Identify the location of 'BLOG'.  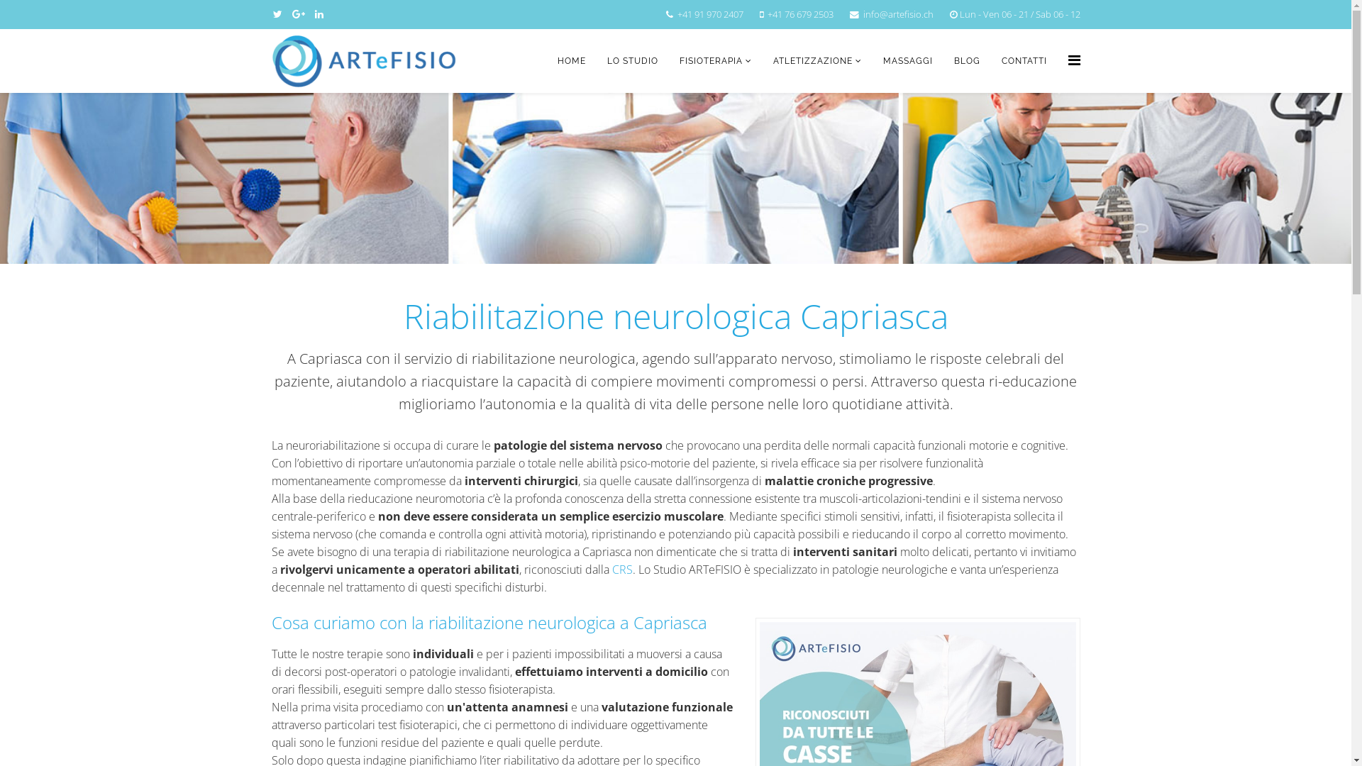
(943, 60).